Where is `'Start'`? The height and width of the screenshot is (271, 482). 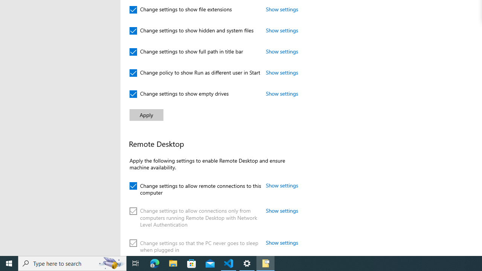 'Start' is located at coordinates (9, 263).